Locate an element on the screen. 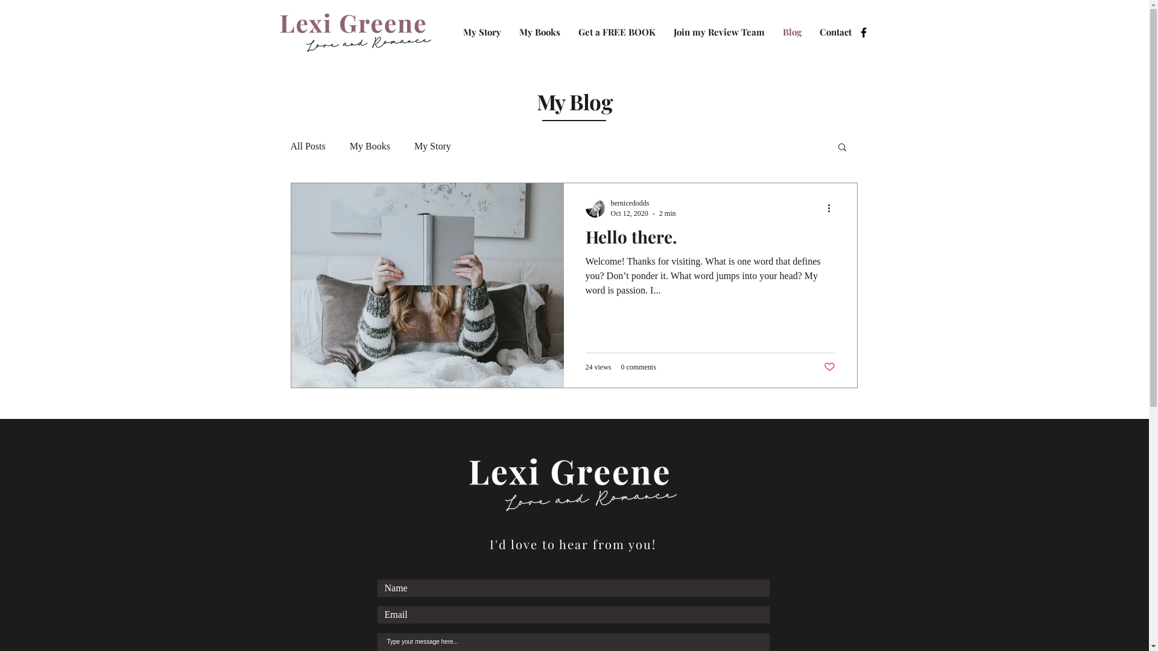 The height and width of the screenshot is (651, 1158). 'All Posts' is located at coordinates (308, 146).